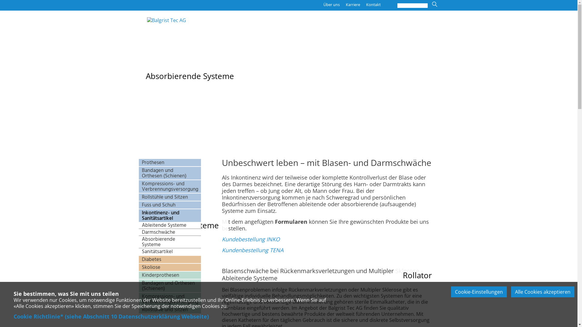  I want to click on 'Skoliose', so click(170, 267).